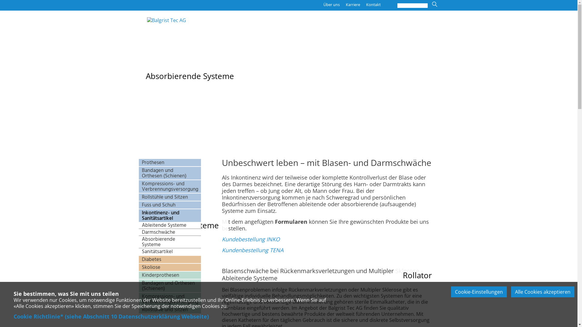  I want to click on 'Skoliose', so click(170, 267).